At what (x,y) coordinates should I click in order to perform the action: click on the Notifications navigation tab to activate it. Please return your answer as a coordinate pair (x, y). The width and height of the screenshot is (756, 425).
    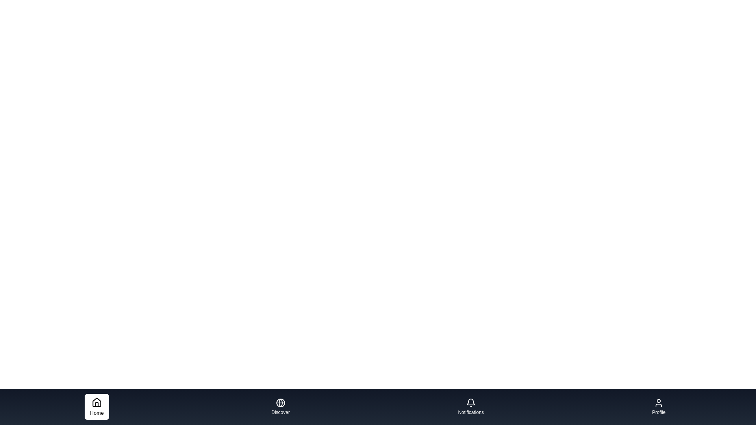
    Looking at the image, I should click on (471, 407).